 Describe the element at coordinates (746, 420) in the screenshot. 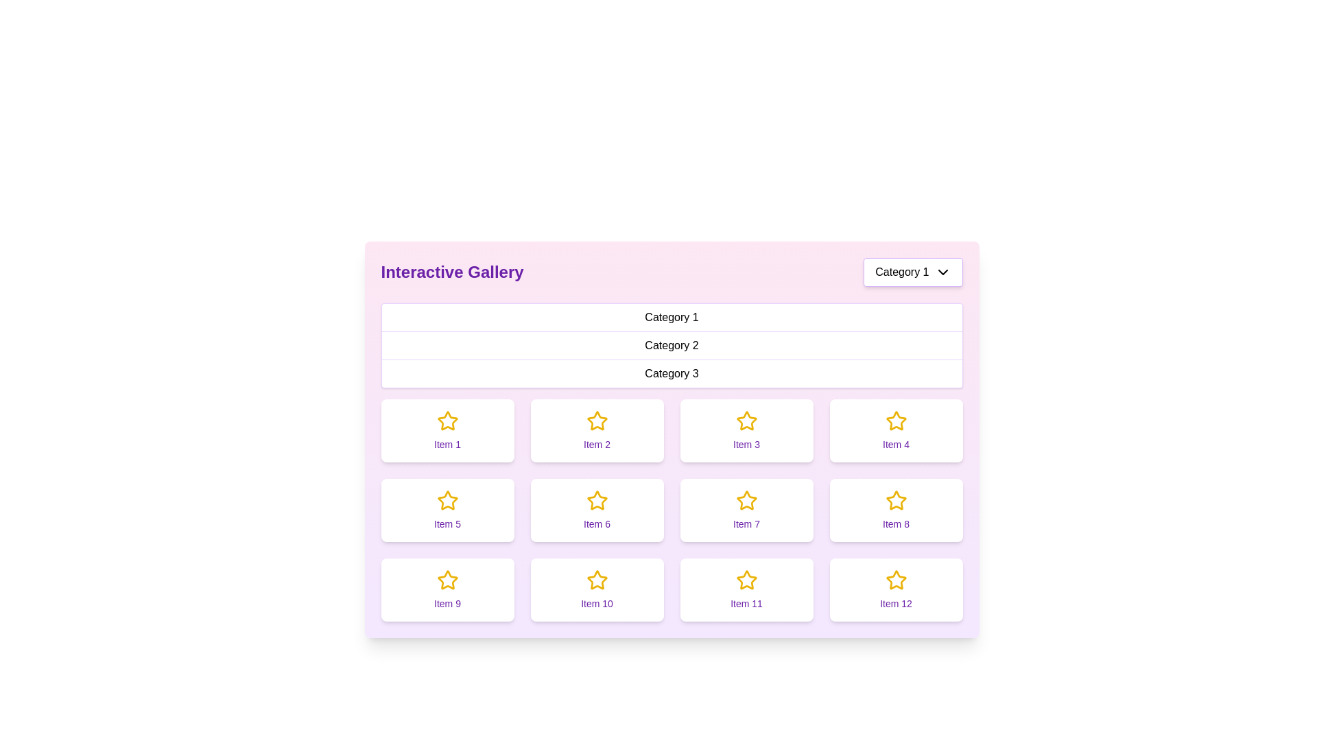

I see `the star-shaped icon with a yellow border labeled 'Item 3' in the 4x3 grid layout` at that location.